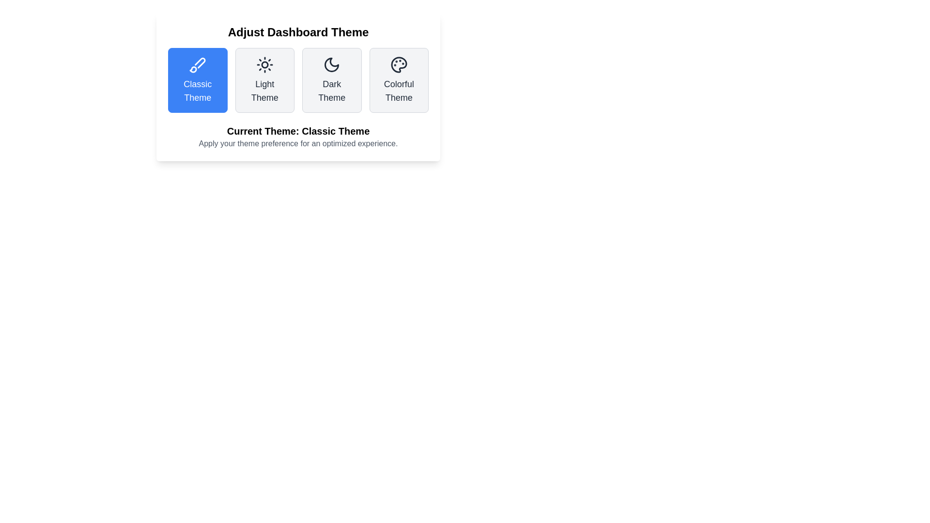 This screenshot has width=930, height=523. Describe the element at coordinates (399, 65) in the screenshot. I see `the 'Colorful Theme' by clicking on the vibrant theme icon located at the center of its bounding box` at that location.